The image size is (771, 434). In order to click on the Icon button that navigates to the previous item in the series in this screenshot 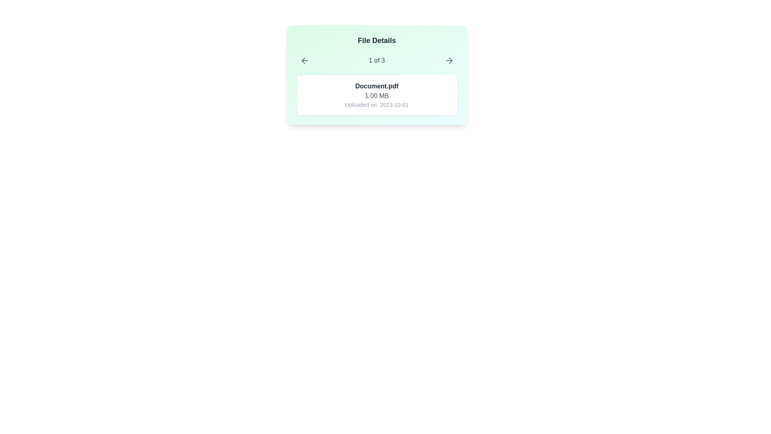, I will do `click(304, 60)`.